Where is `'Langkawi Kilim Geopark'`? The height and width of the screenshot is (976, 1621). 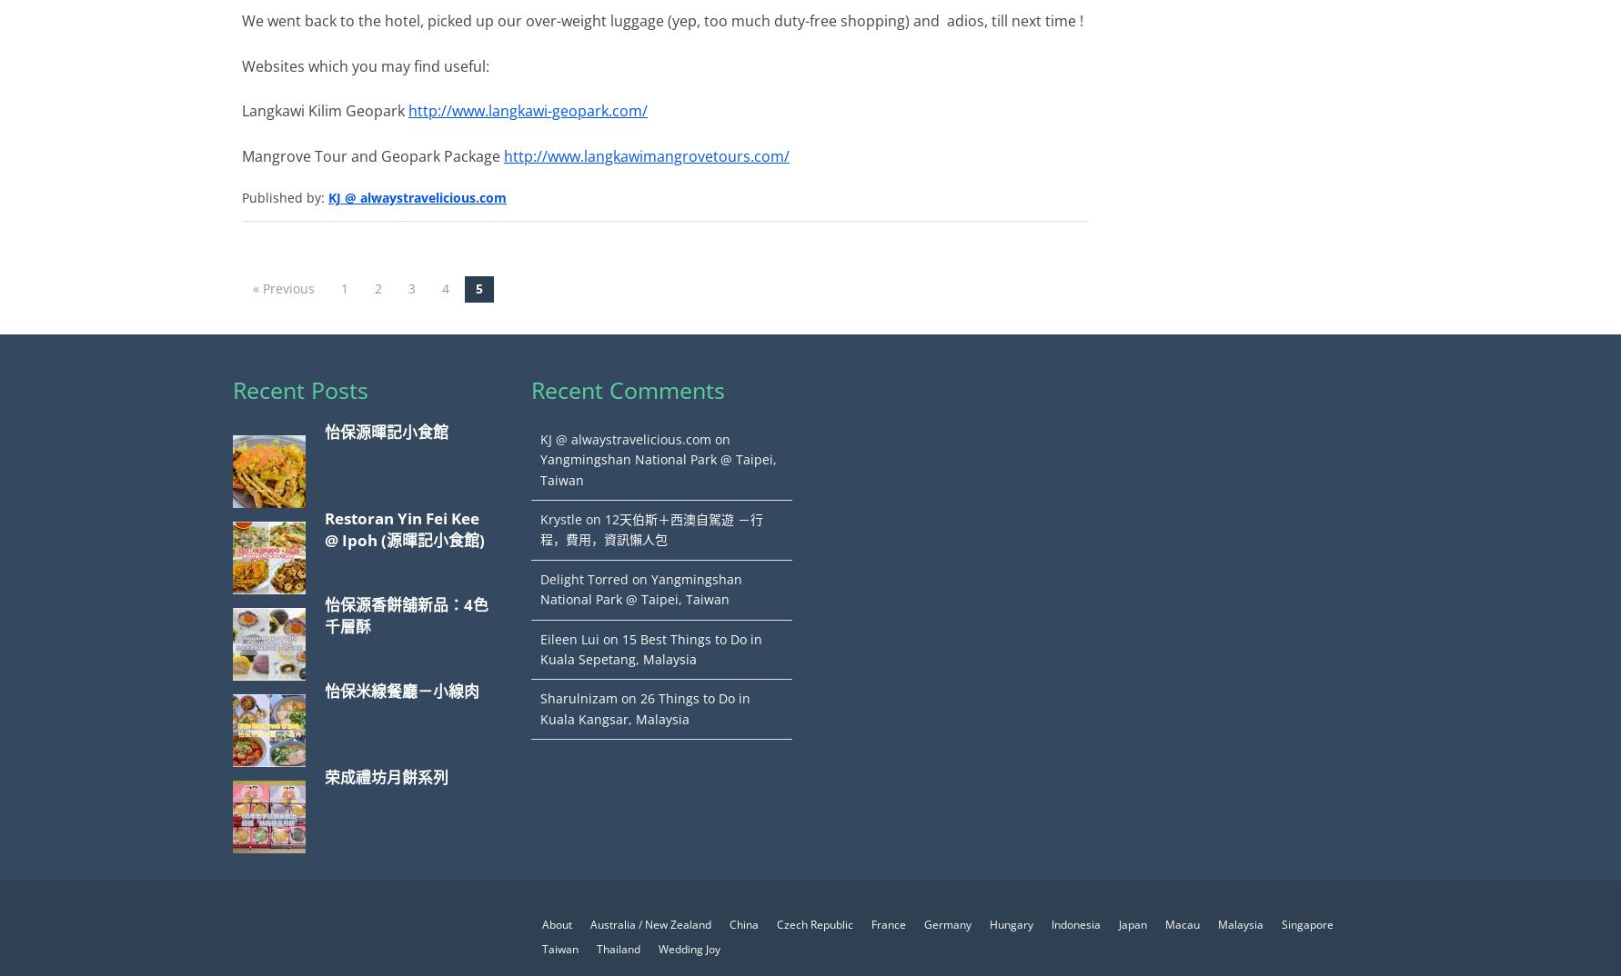 'Langkawi Kilim Geopark' is located at coordinates (242, 110).